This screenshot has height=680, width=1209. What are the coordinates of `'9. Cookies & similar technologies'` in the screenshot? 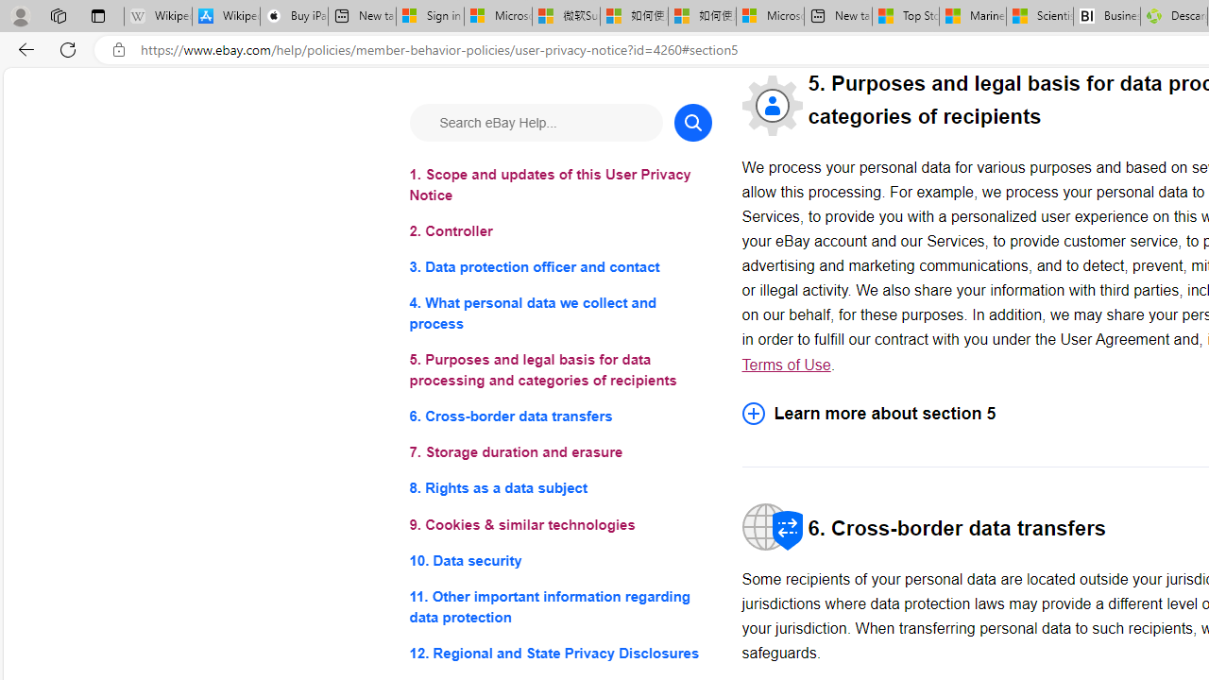 It's located at (559, 524).